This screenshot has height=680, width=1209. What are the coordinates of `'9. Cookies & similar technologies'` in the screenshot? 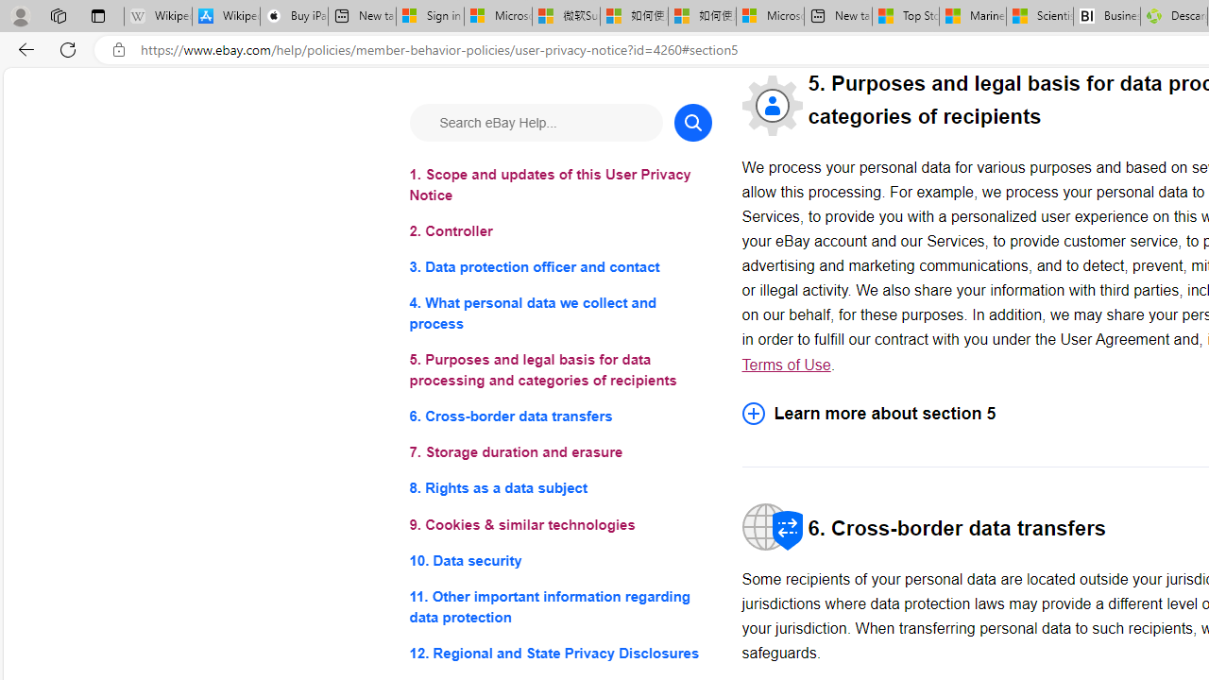 It's located at (559, 524).